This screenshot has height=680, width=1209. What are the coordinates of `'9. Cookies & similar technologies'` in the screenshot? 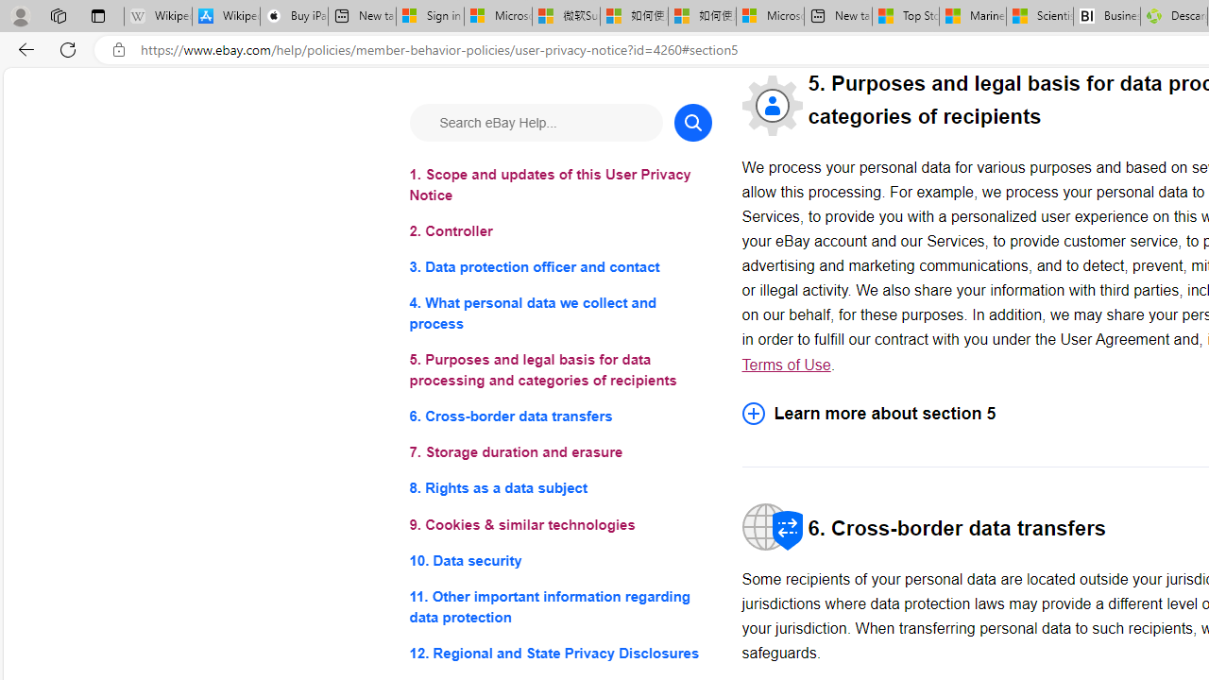 It's located at (559, 524).